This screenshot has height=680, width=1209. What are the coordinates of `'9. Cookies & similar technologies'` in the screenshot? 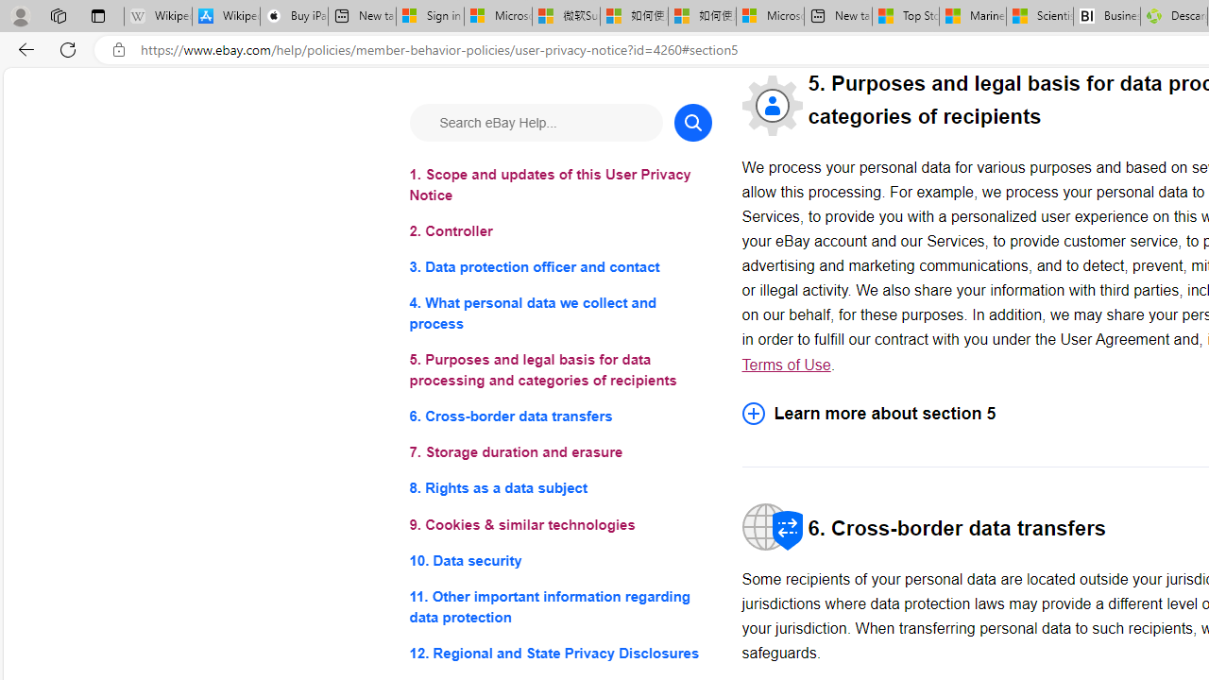 It's located at (559, 524).